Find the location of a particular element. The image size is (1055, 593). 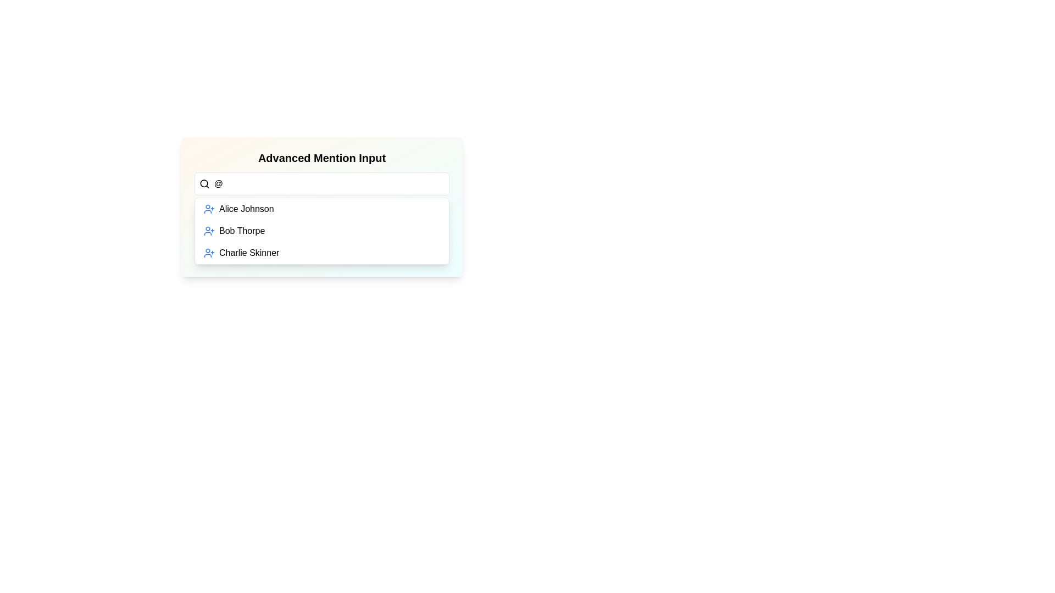

the first item in the dropdown menu labeled 'Alice Johnson' is located at coordinates (321, 209).